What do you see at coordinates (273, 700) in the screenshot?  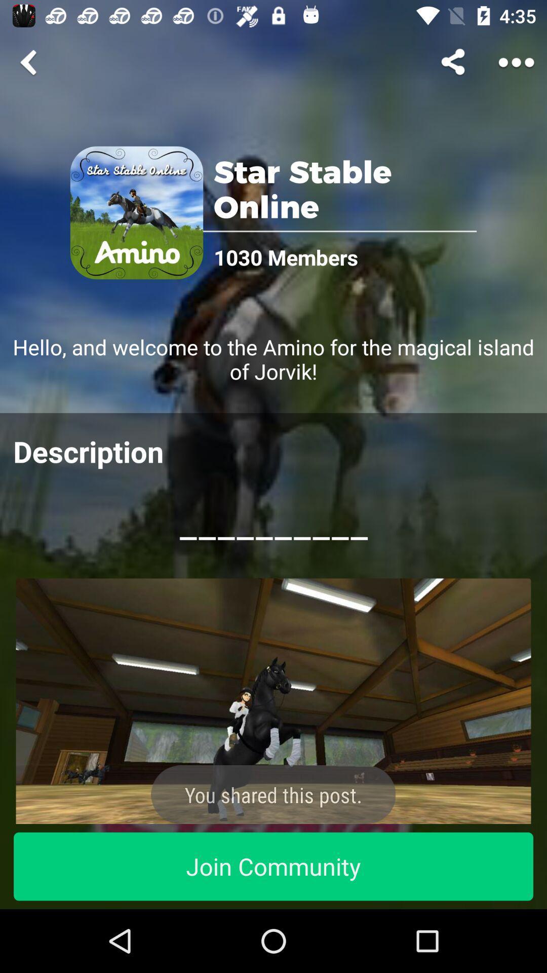 I see `share the post` at bounding box center [273, 700].